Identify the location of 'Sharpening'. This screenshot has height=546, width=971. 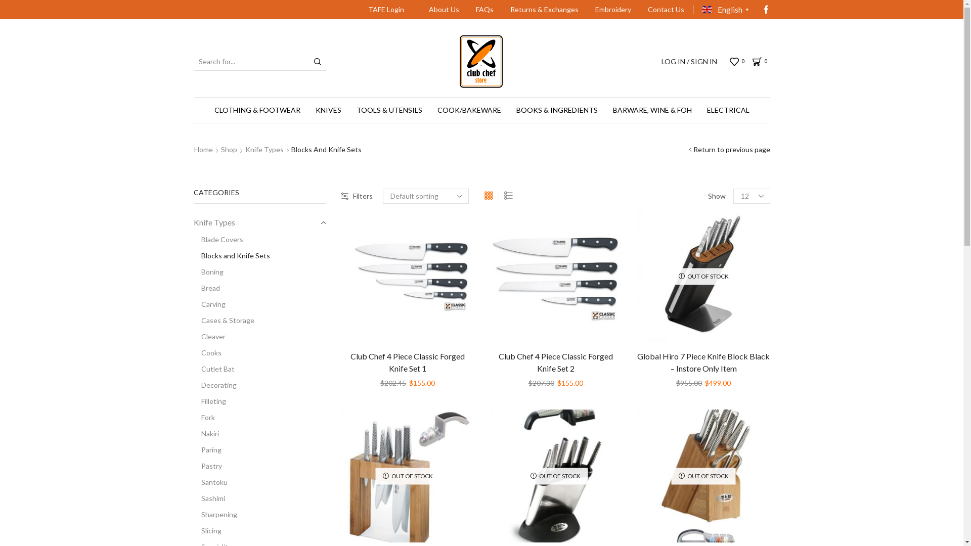
(214, 515).